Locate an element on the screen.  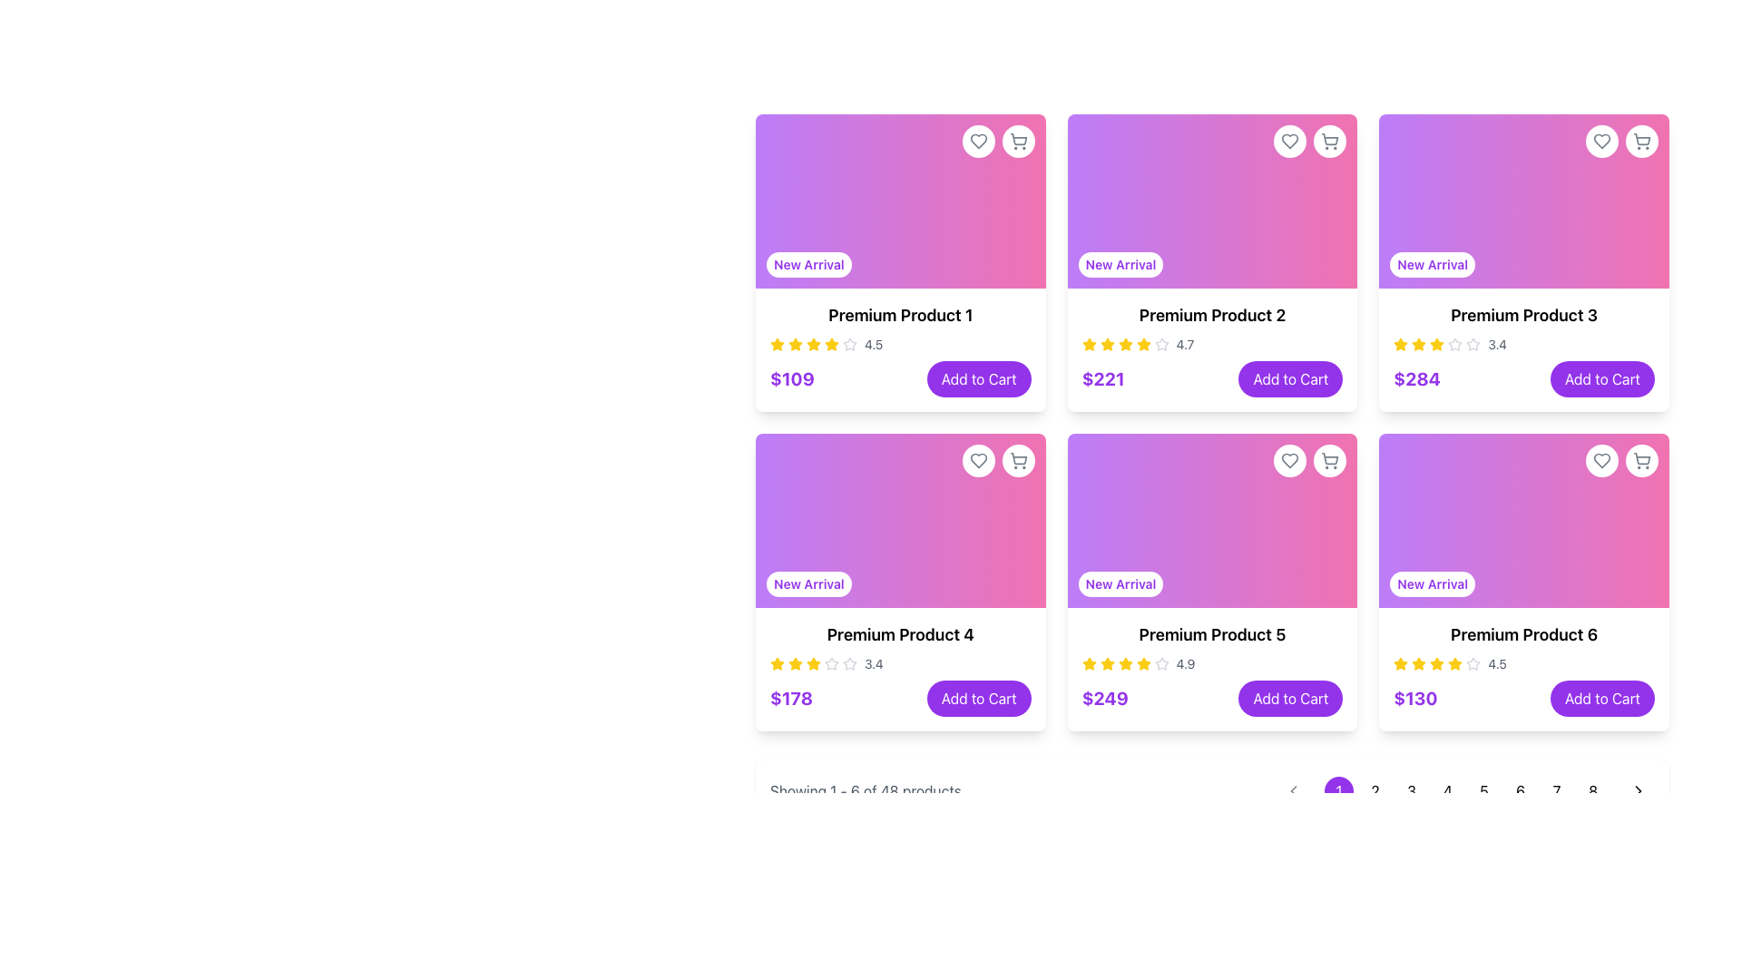
the third golden-yellow star icon in the rating display for the 'Premium Product 4', which is located beneath the product title and above the price label is located at coordinates (796, 664).